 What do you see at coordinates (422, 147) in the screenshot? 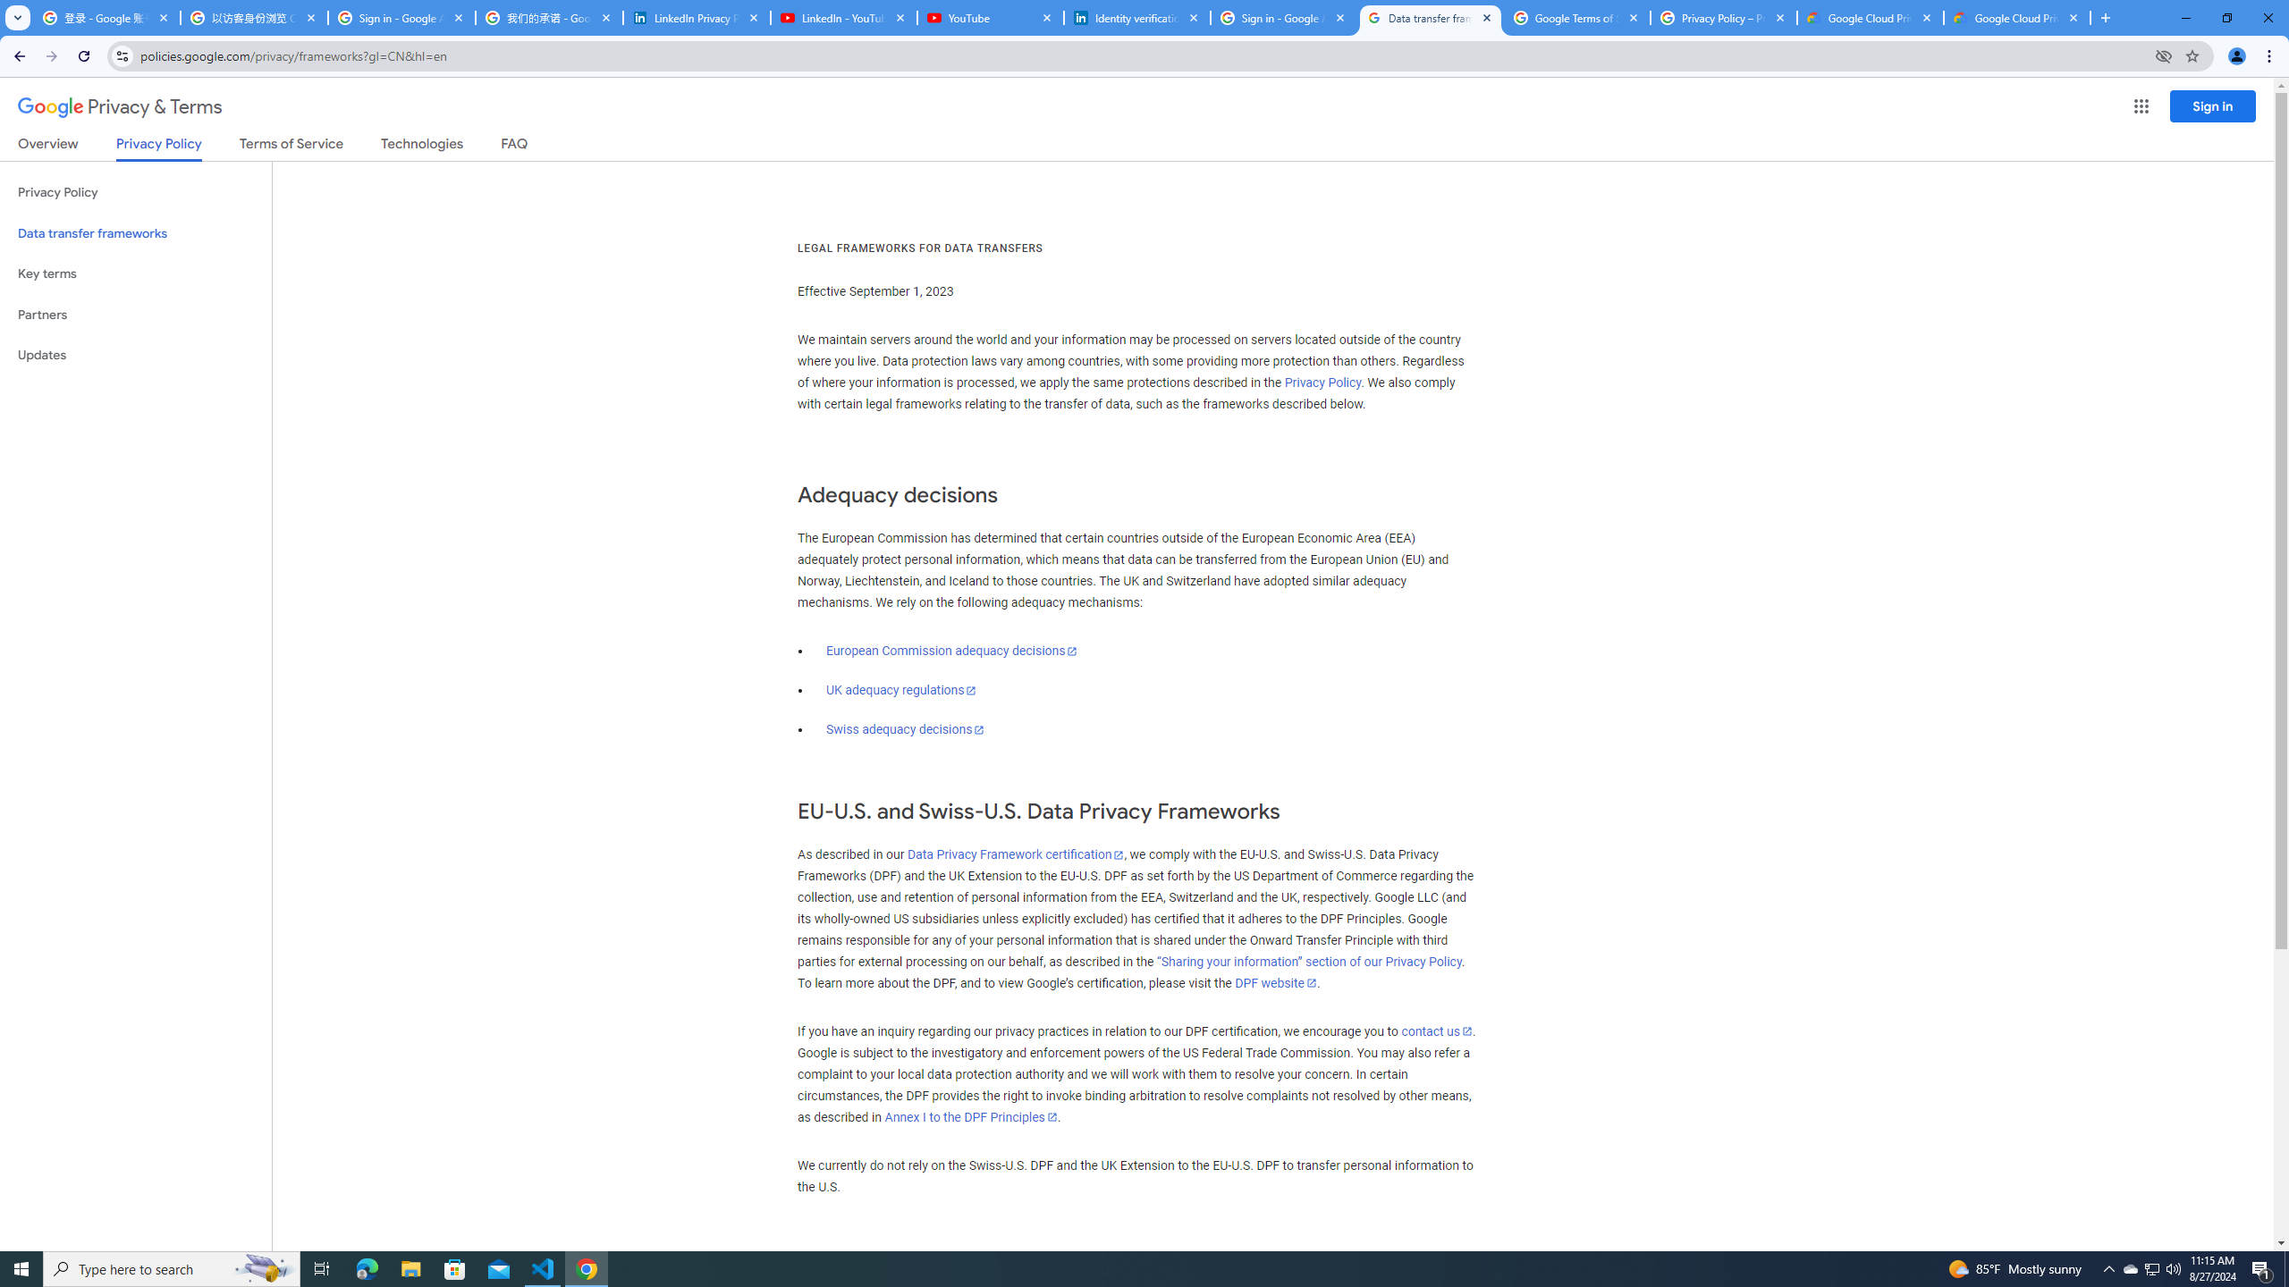
I see `'Technologies'` at bounding box center [422, 147].